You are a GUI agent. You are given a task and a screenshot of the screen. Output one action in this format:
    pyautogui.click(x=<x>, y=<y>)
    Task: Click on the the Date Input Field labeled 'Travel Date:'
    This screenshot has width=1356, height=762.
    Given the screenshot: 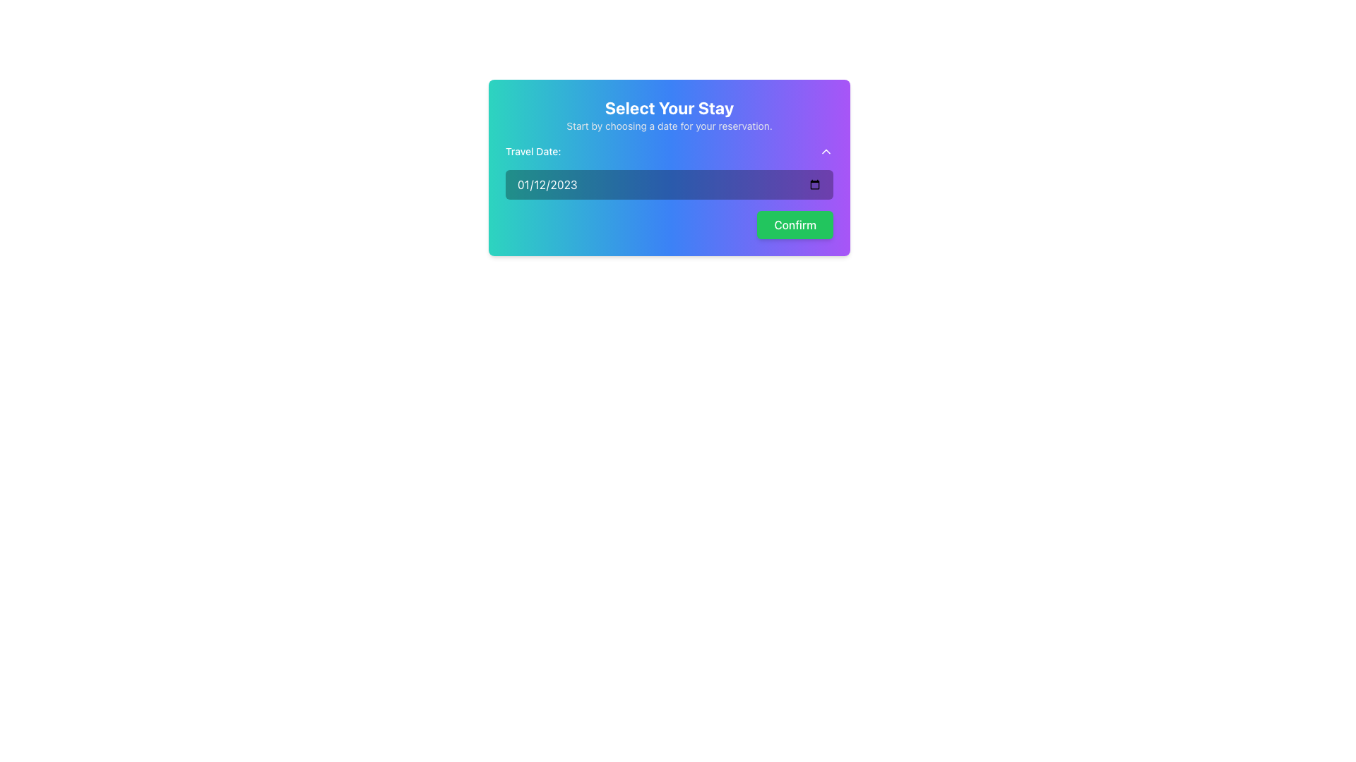 What is the action you would take?
    pyautogui.click(x=669, y=171)
    